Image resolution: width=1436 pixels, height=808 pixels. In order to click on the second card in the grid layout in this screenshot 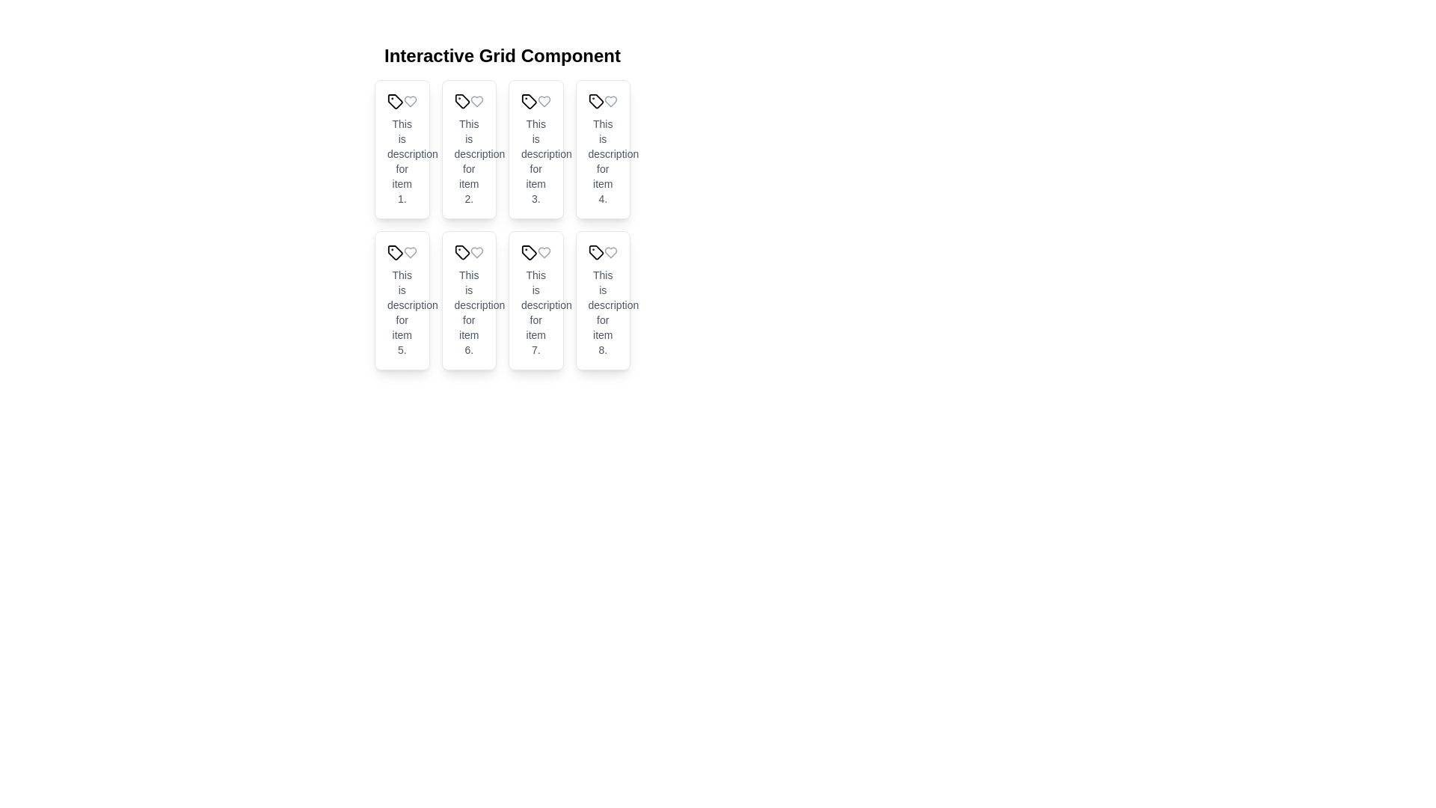, I will do `click(468, 150)`.